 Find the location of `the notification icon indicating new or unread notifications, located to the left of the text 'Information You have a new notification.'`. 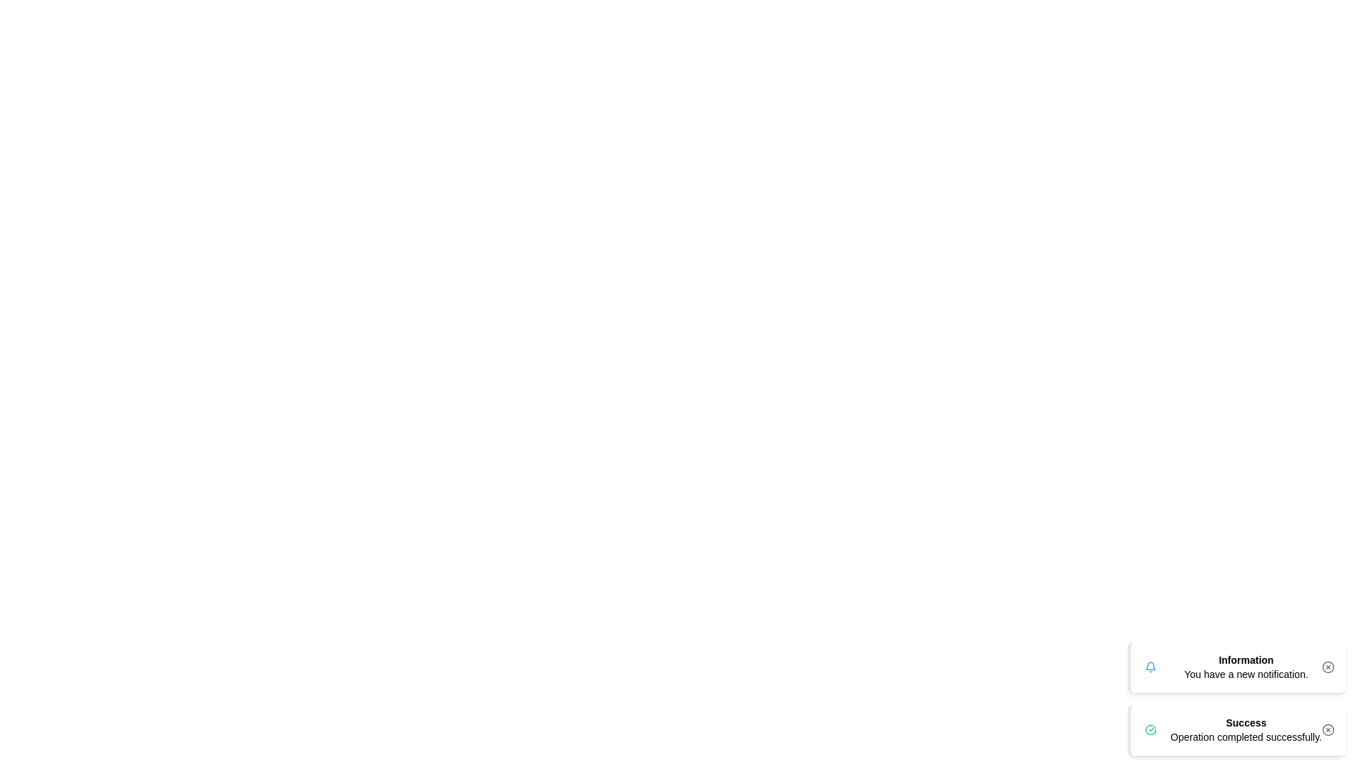

the notification icon indicating new or unread notifications, located to the left of the text 'Information You have a new notification.' is located at coordinates (1150, 667).